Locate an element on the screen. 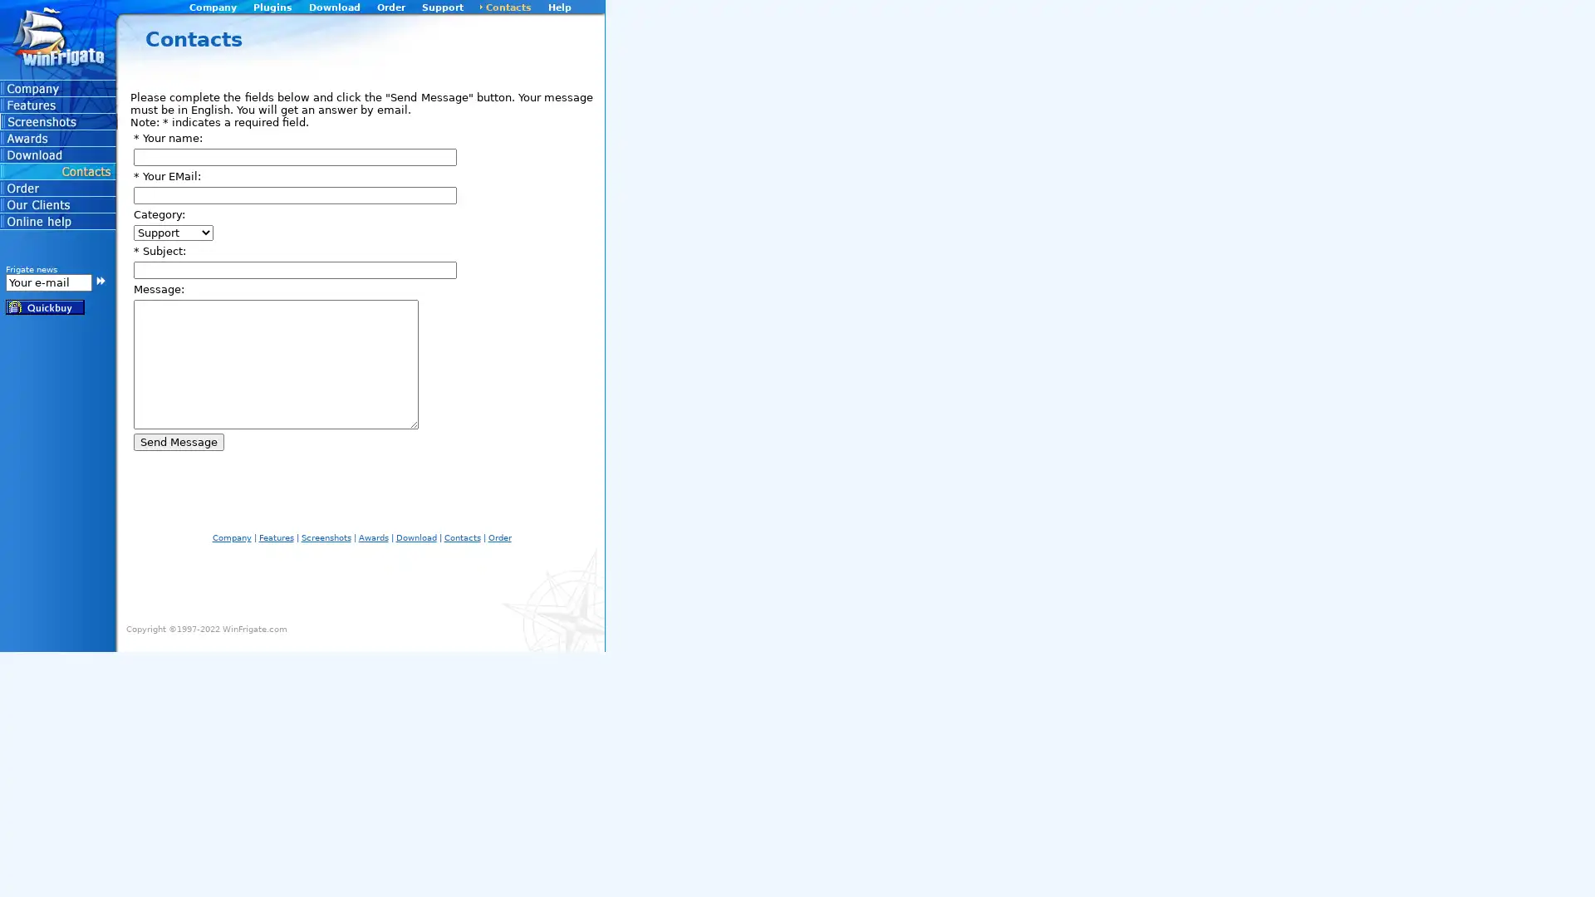  go is located at coordinates (100, 278).